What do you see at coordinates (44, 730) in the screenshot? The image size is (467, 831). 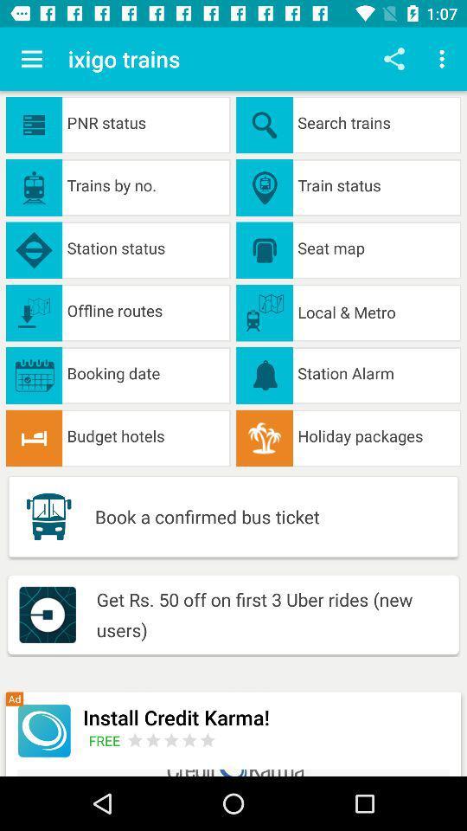 I see `logo part of advertisement` at bounding box center [44, 730].